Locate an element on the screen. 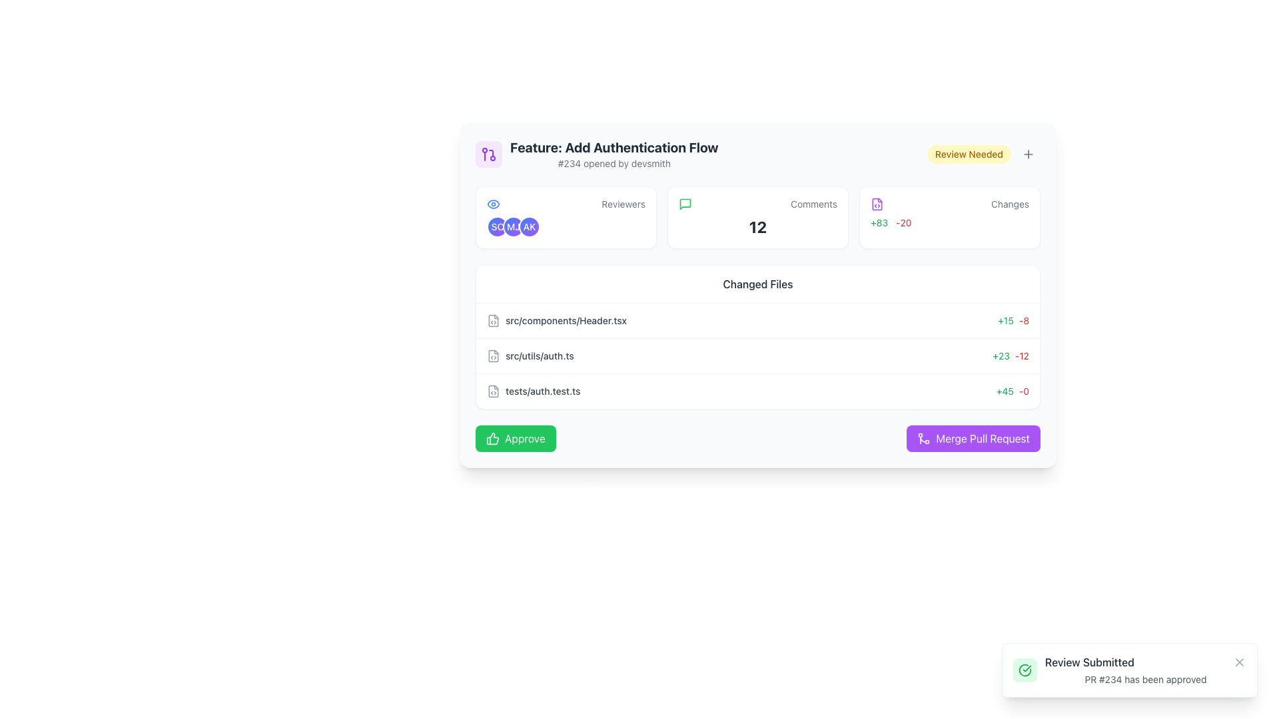 The width and height of the screenshot is (1279, 719). the text label representing the filepath of the file involved in the pull request is located at coordinates (566, 321).